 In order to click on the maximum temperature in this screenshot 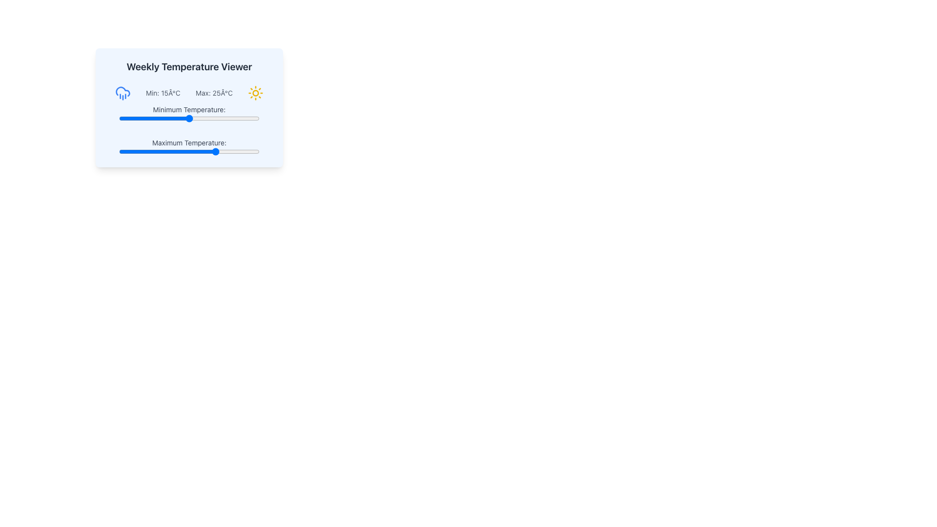, I will do `click(124, 152)`.